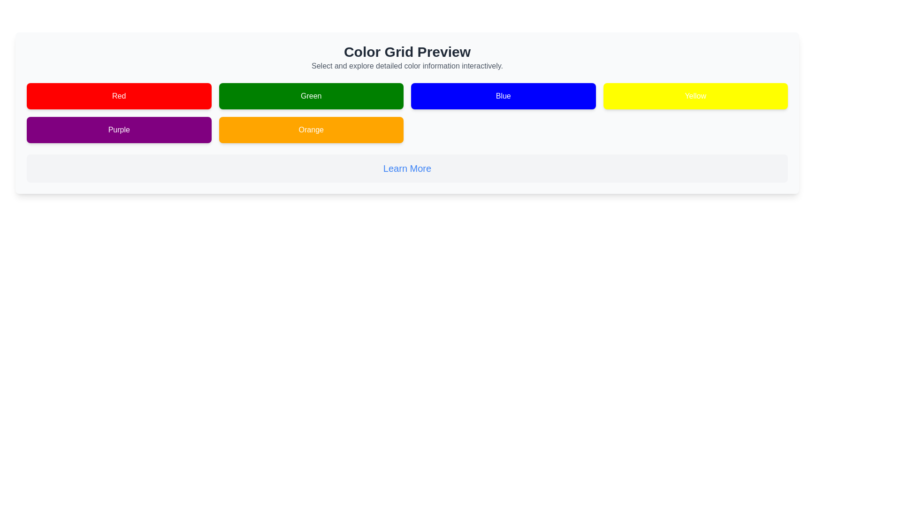 The width and height of the screenshot is (901, 507). I want to click on the selectable blue button located in the first row and third block from the left, bordered by a green block on the left and a yellow block on the right, to trigger a visual response, so click(503, 96).